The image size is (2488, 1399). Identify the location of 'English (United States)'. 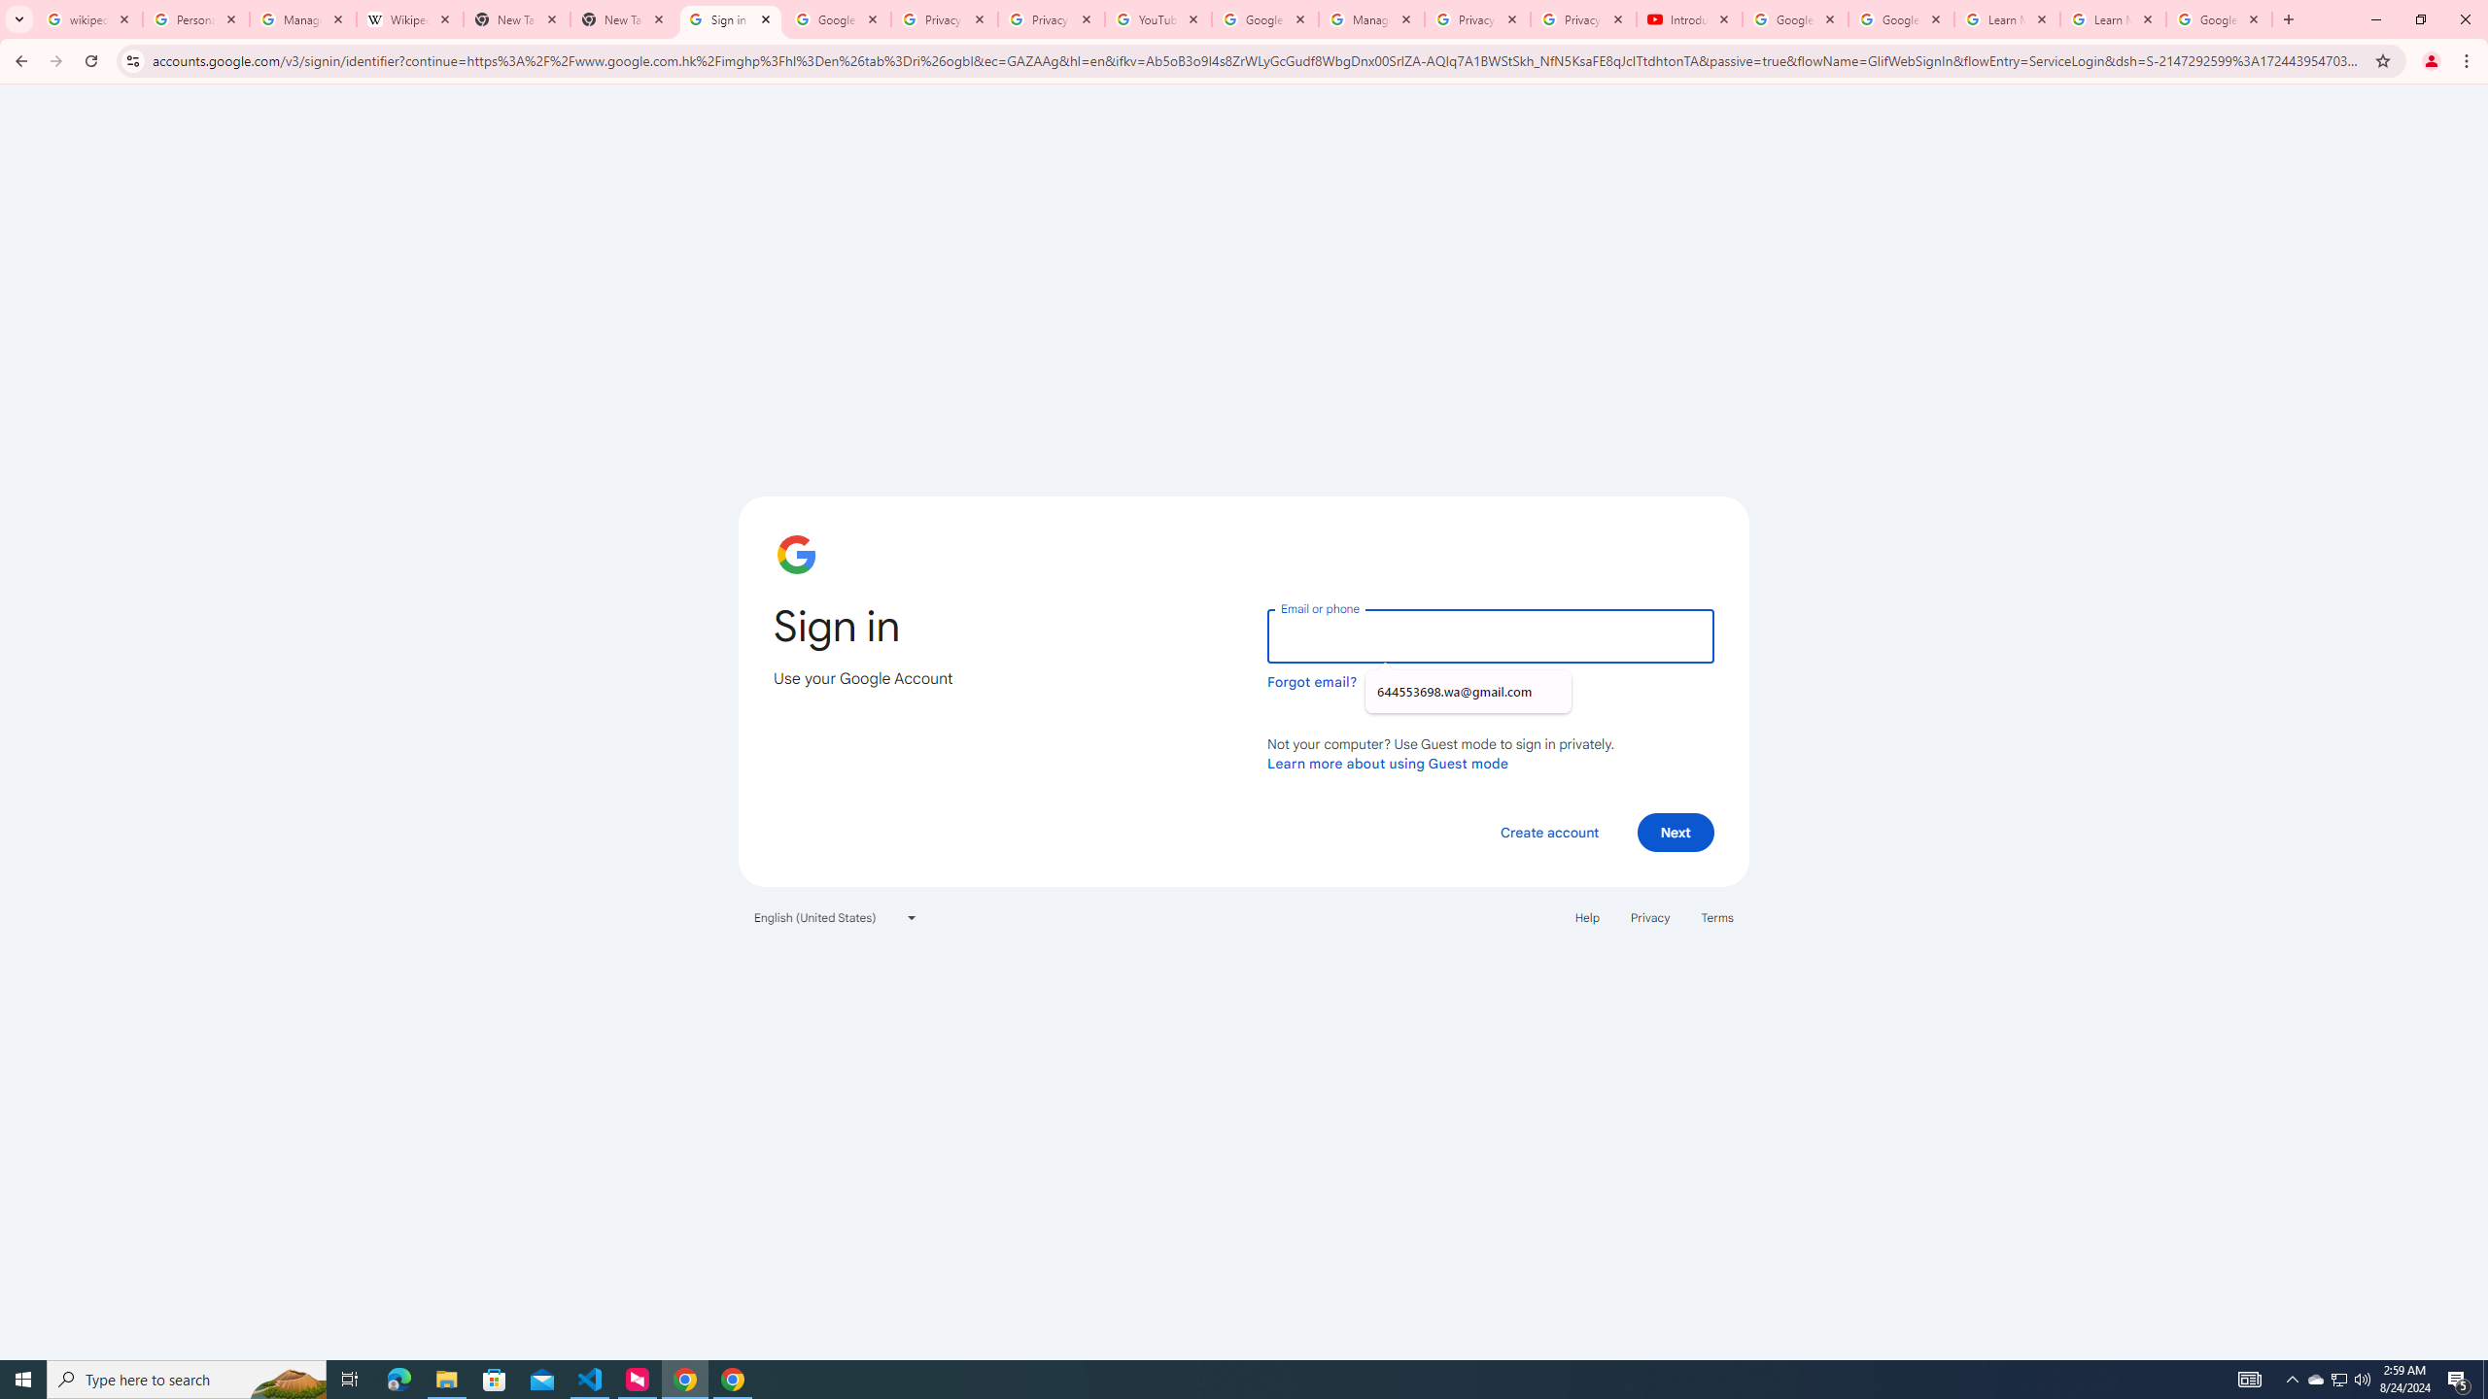
(836, 915).